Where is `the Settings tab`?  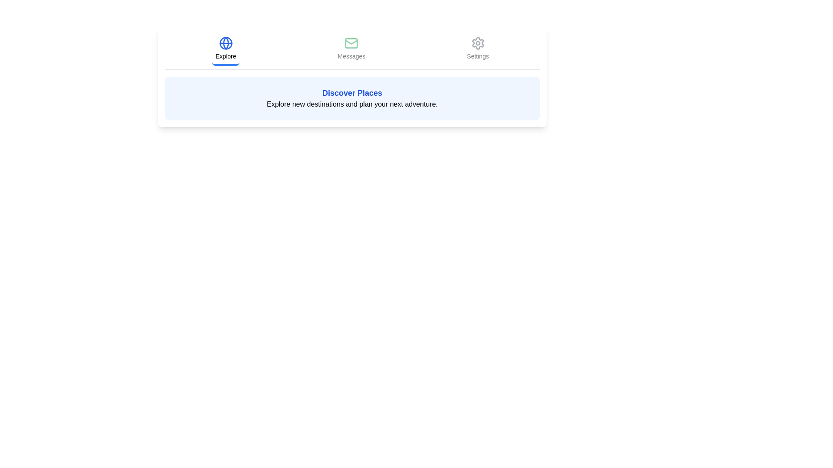
the Settings tab is located at coordinates (477, 49).